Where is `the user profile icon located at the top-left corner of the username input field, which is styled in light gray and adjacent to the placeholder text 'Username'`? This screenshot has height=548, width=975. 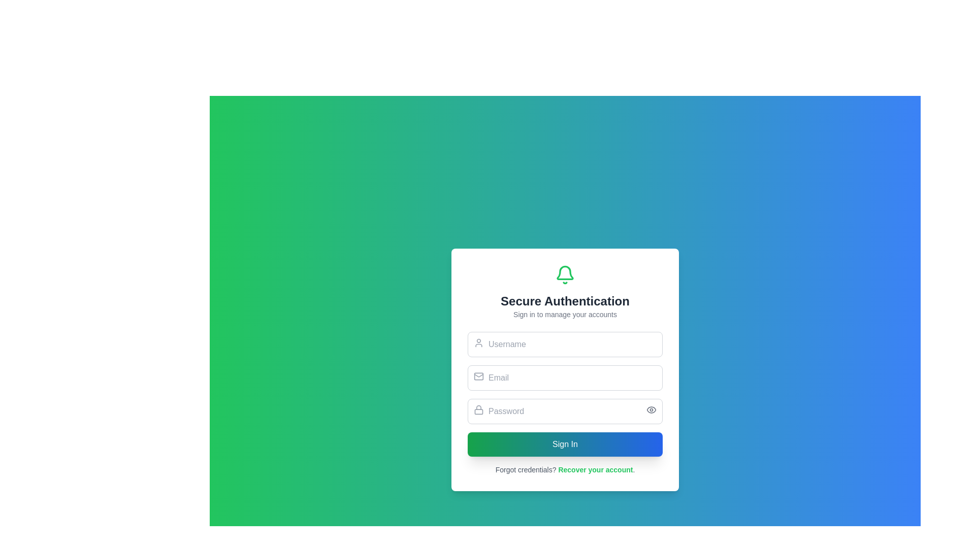 the user profile icon located at the top-left corner of the username input field, which is styled in light gray and adjacent to the placeholder text 'Username' is located at coordinates (478, 342).